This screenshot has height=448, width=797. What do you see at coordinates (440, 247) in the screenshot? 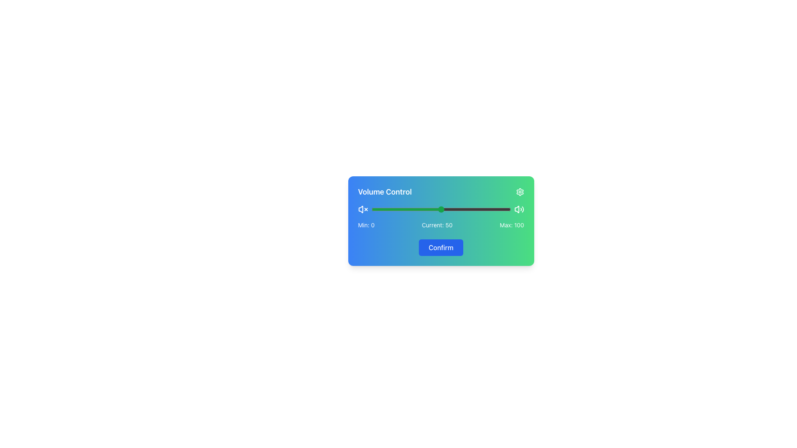
I see `the rectangular blue 'Confirm' button with rounded corners located at the bottom-center of the interactive module to confirm the current action` at bounding box center [440, 247].